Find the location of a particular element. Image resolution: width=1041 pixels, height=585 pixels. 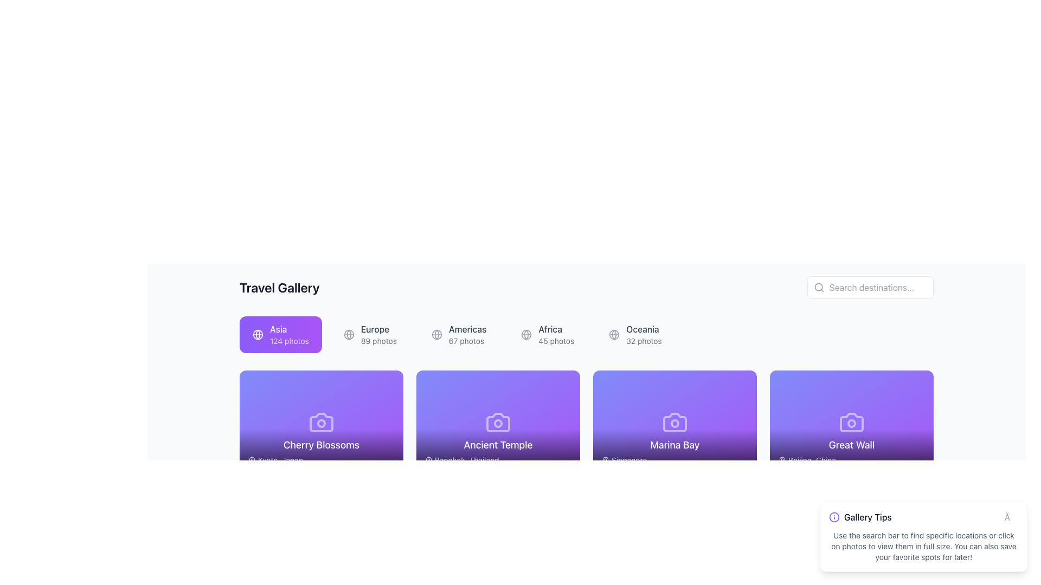

the second line element of the SVG globe icon representing longitude or latitude, located under the 'Europe' section is located at coordinates (349, 334).